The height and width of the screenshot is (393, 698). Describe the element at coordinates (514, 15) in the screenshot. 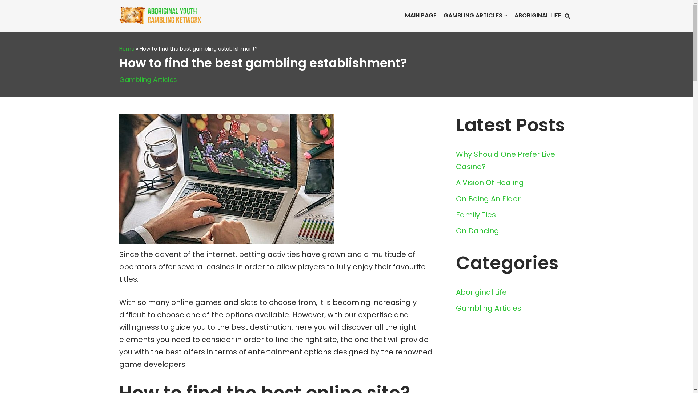

I see `'ABORIGINAL LIFE'` at that location.